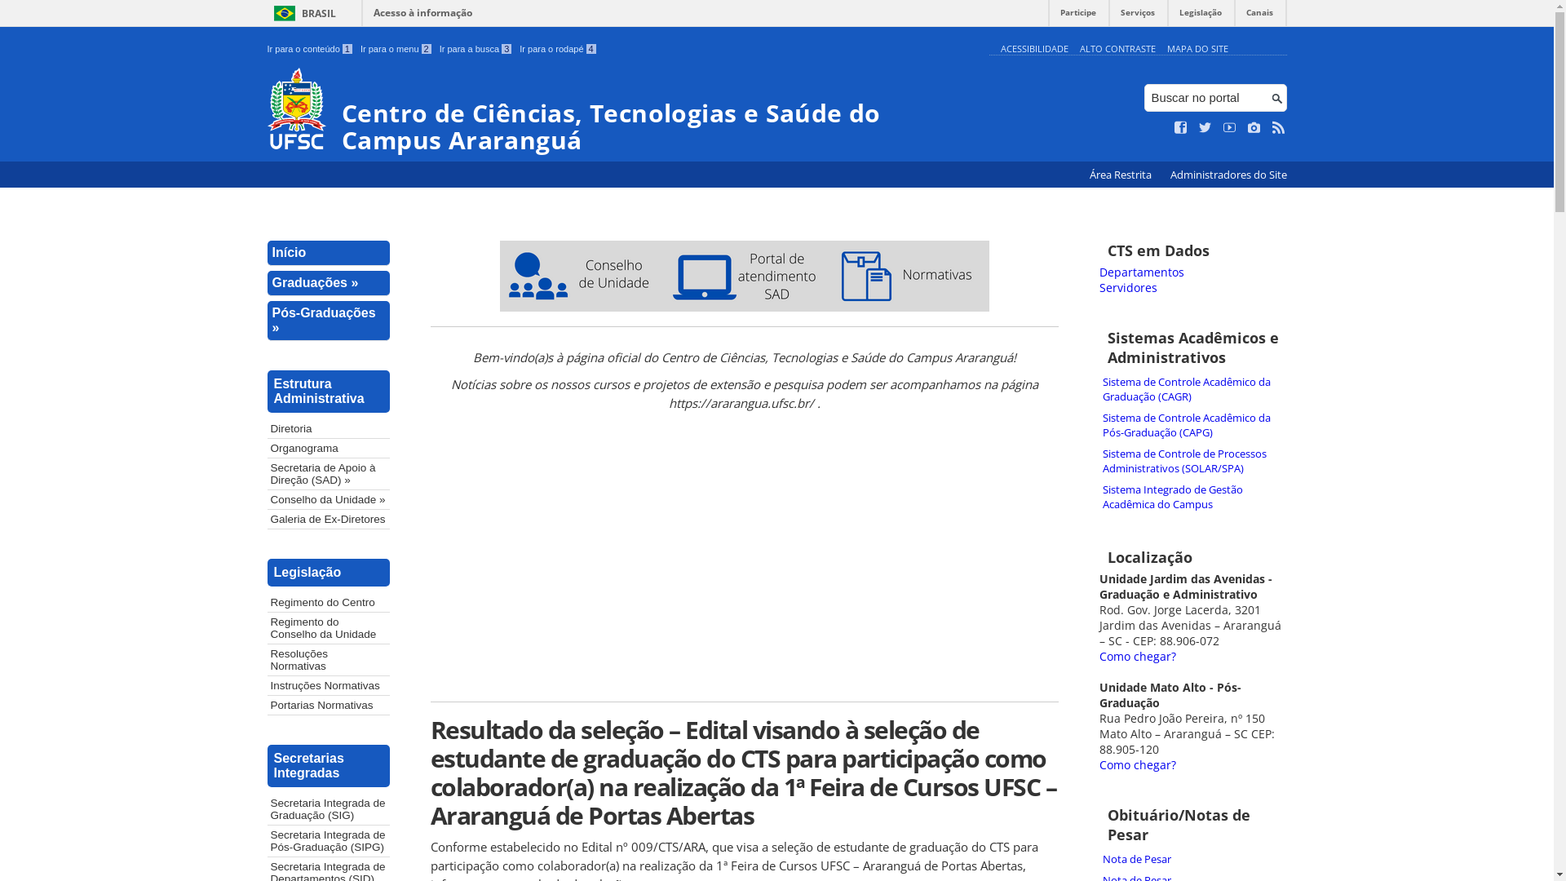 The image size is (1566, 881). What do you see at coordinates (328, 627) in the screenshot?
I see `'Regimento do Conselho da Unidade'` at bounding box center [328, 627].